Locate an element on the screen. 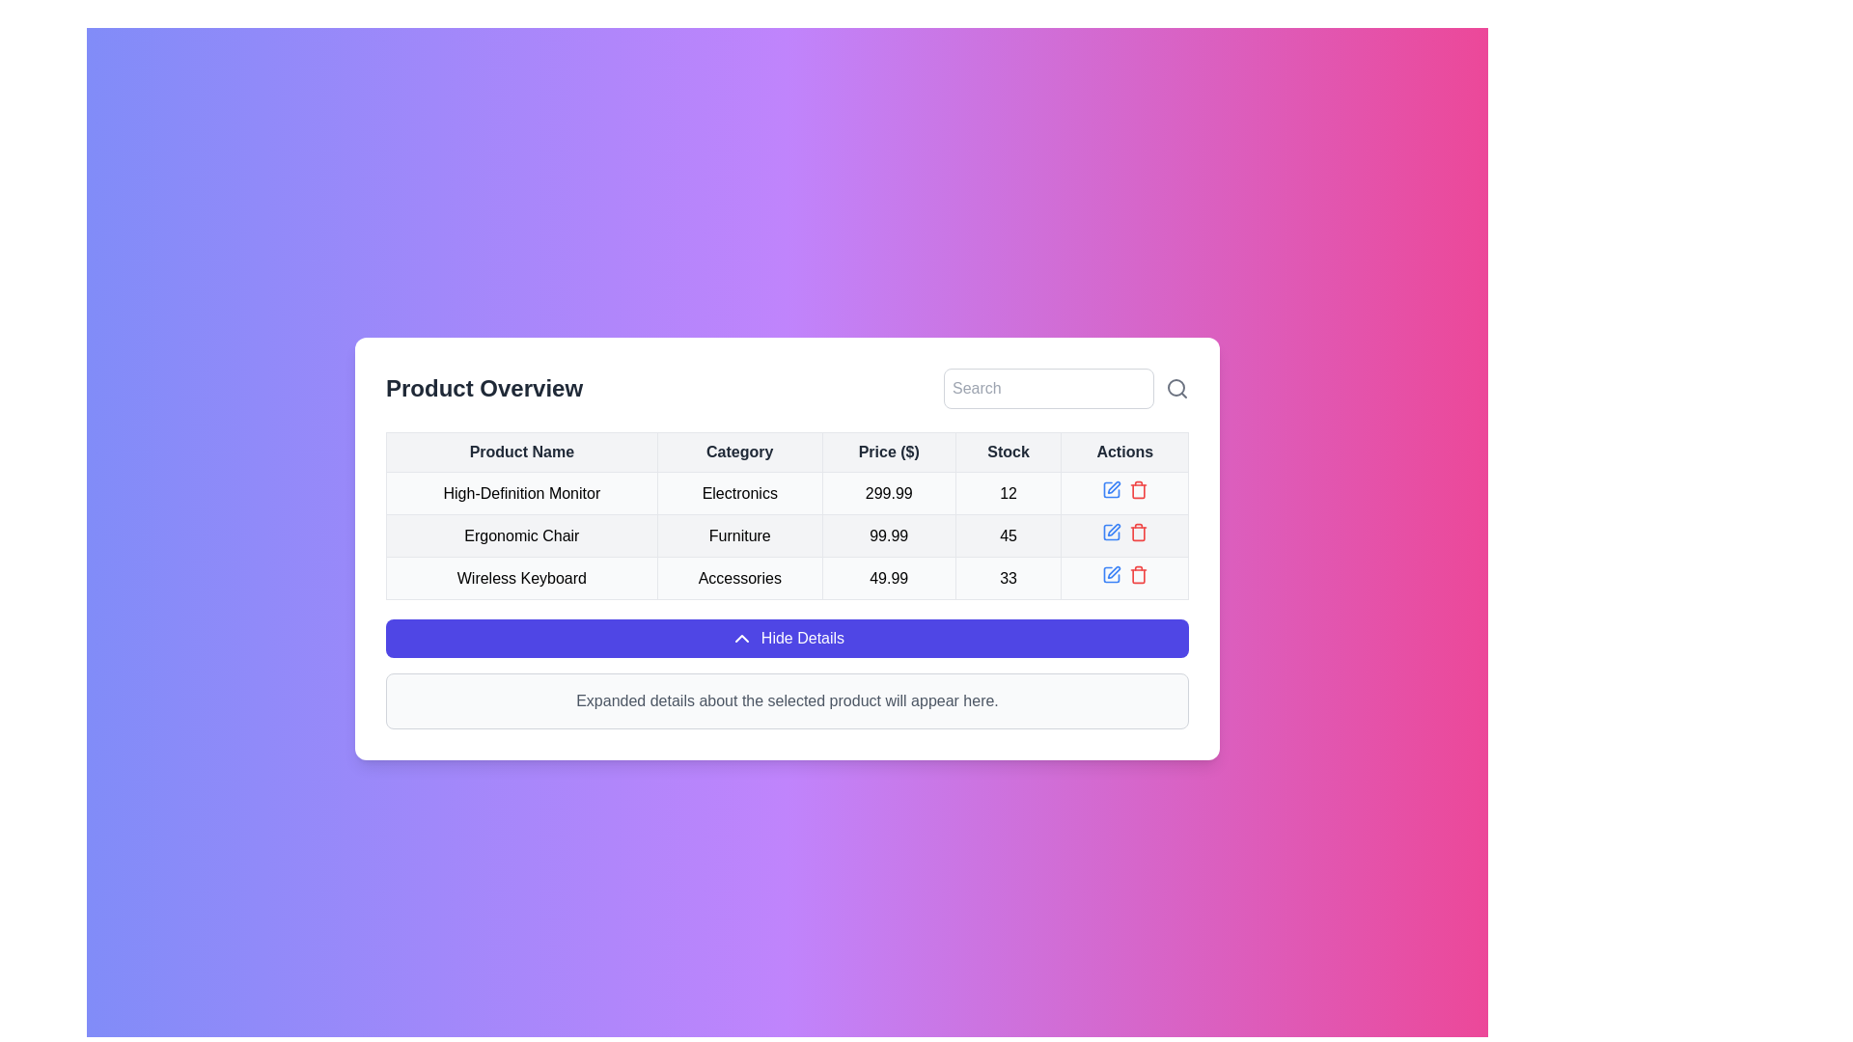 The height and width of the screenshot is (1042, 1853). the static text label representing the category of the 'Ergonomic Chair' product, located in the second row of the table is located at coordinates (738, 535).